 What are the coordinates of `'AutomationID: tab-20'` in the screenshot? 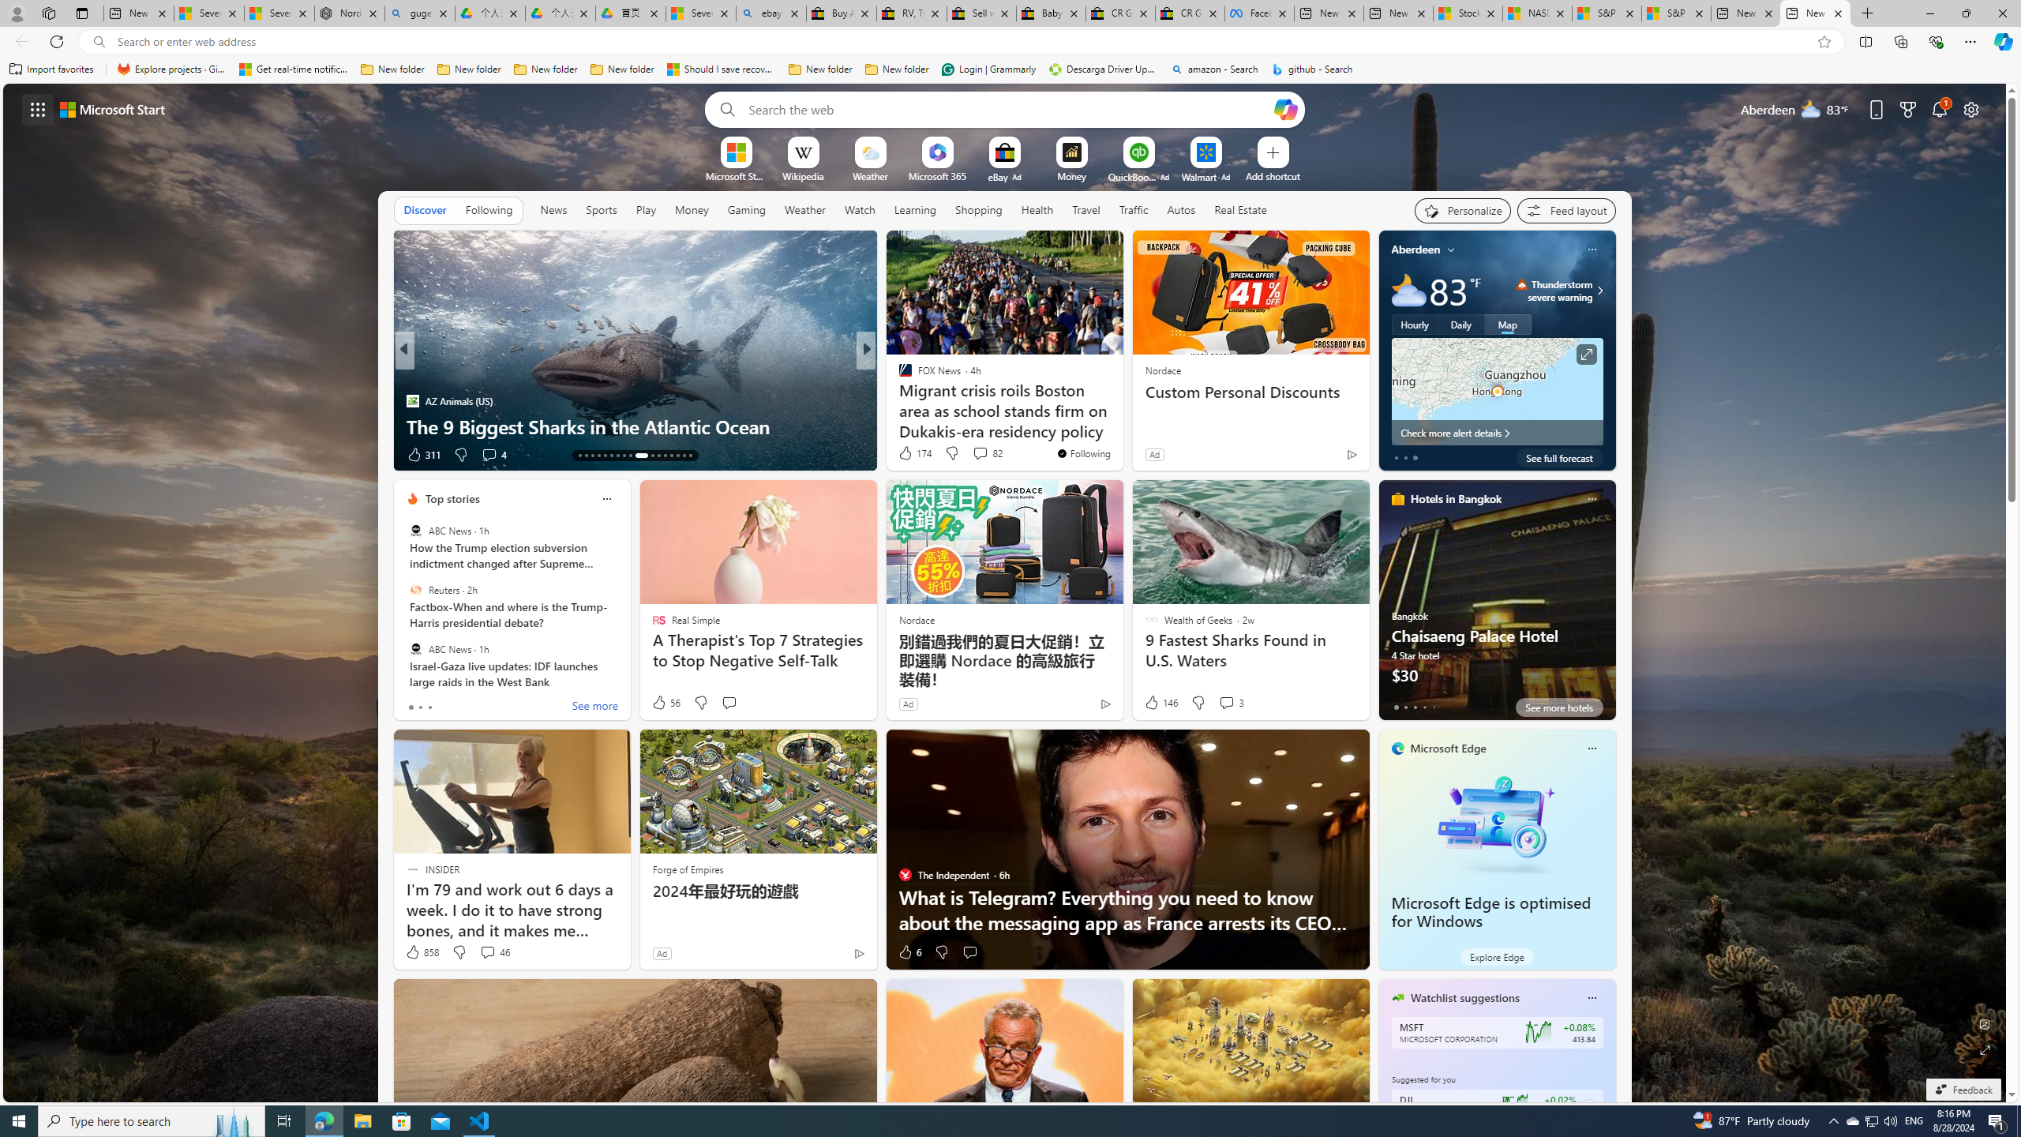 It's located at (624, 456).